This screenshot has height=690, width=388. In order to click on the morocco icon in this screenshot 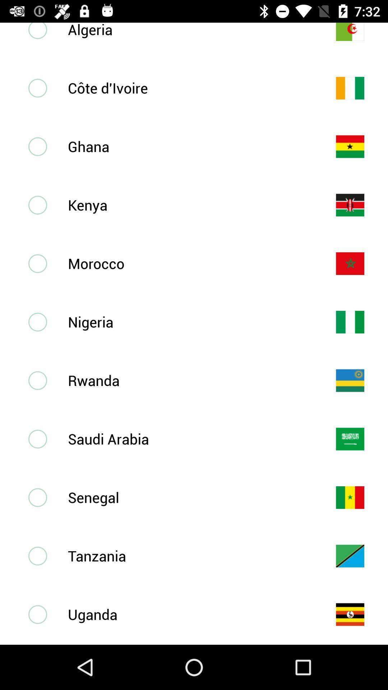, I will do `click(190, 263)`.